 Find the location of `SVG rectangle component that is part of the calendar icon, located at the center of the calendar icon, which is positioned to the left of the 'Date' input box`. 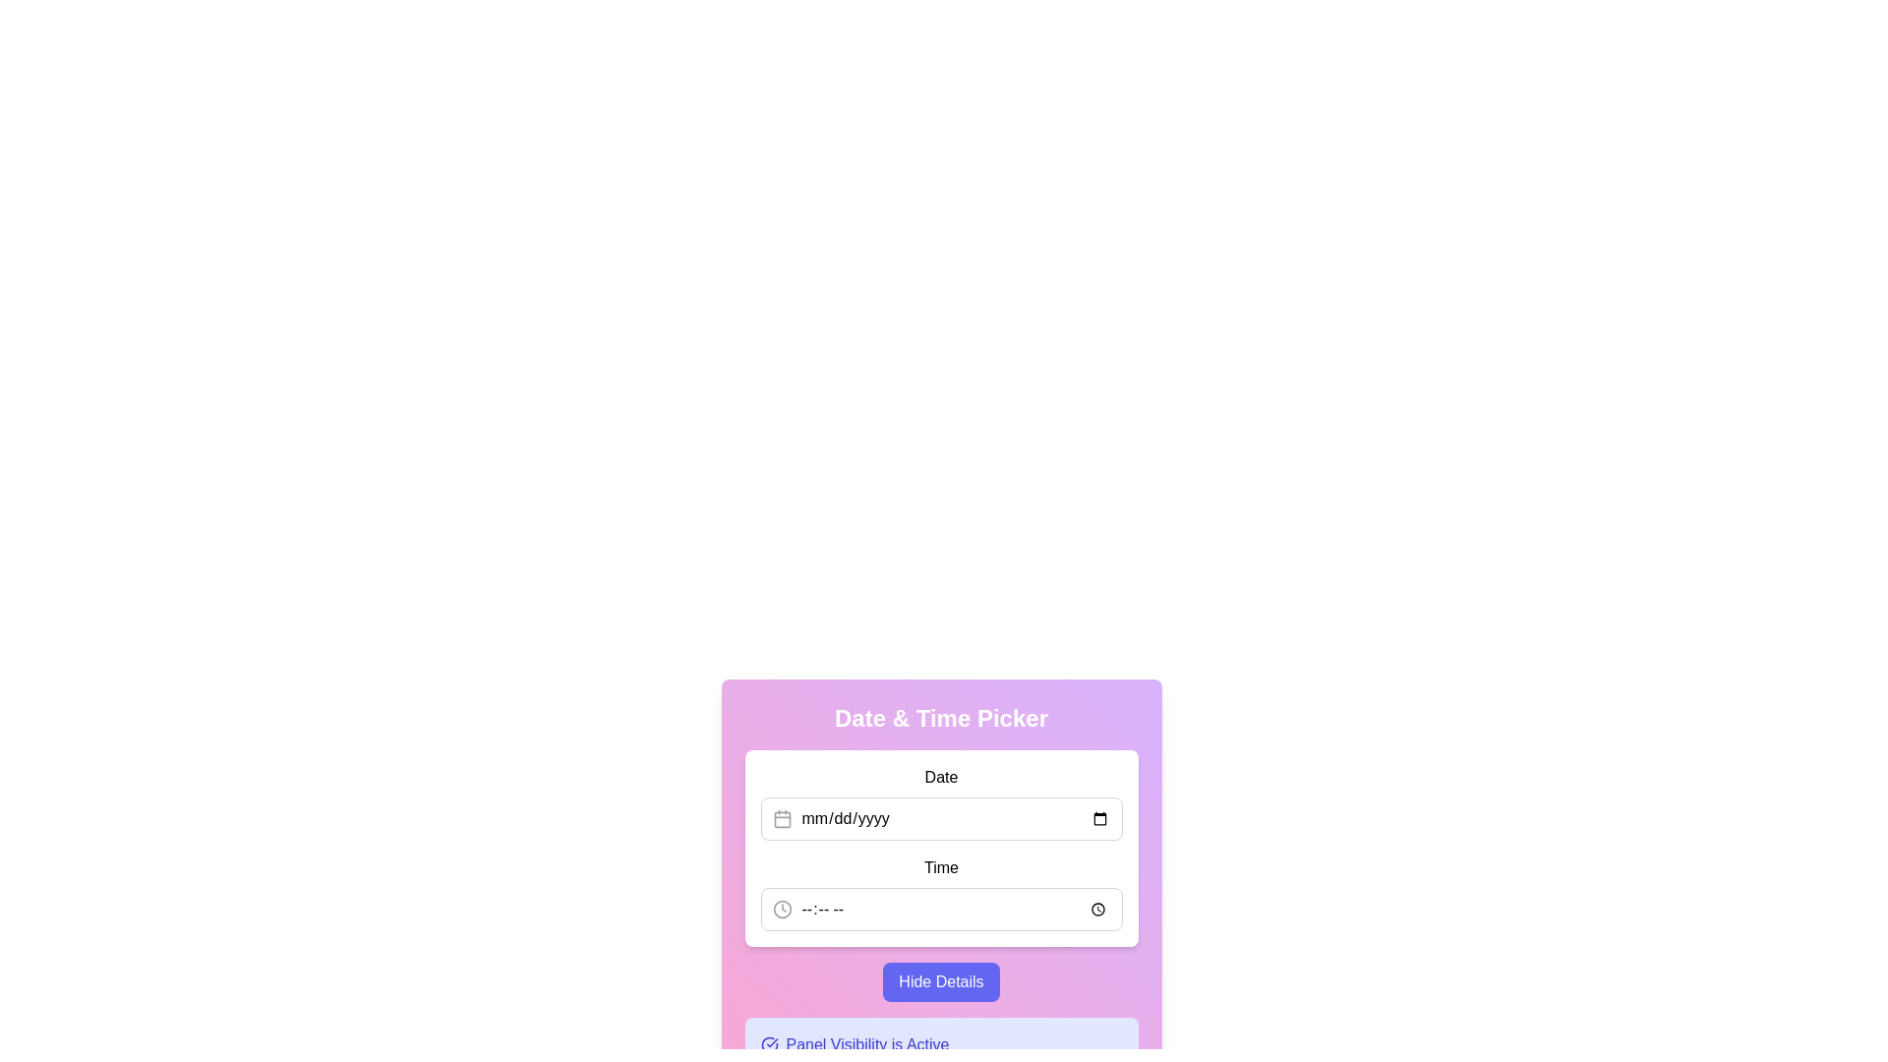

SVG rectangle component that is part of the calendar icon, located at the center of the calendar icon, which is positioned to the left of the 'Date' input box is located at coordinates (781, 819).